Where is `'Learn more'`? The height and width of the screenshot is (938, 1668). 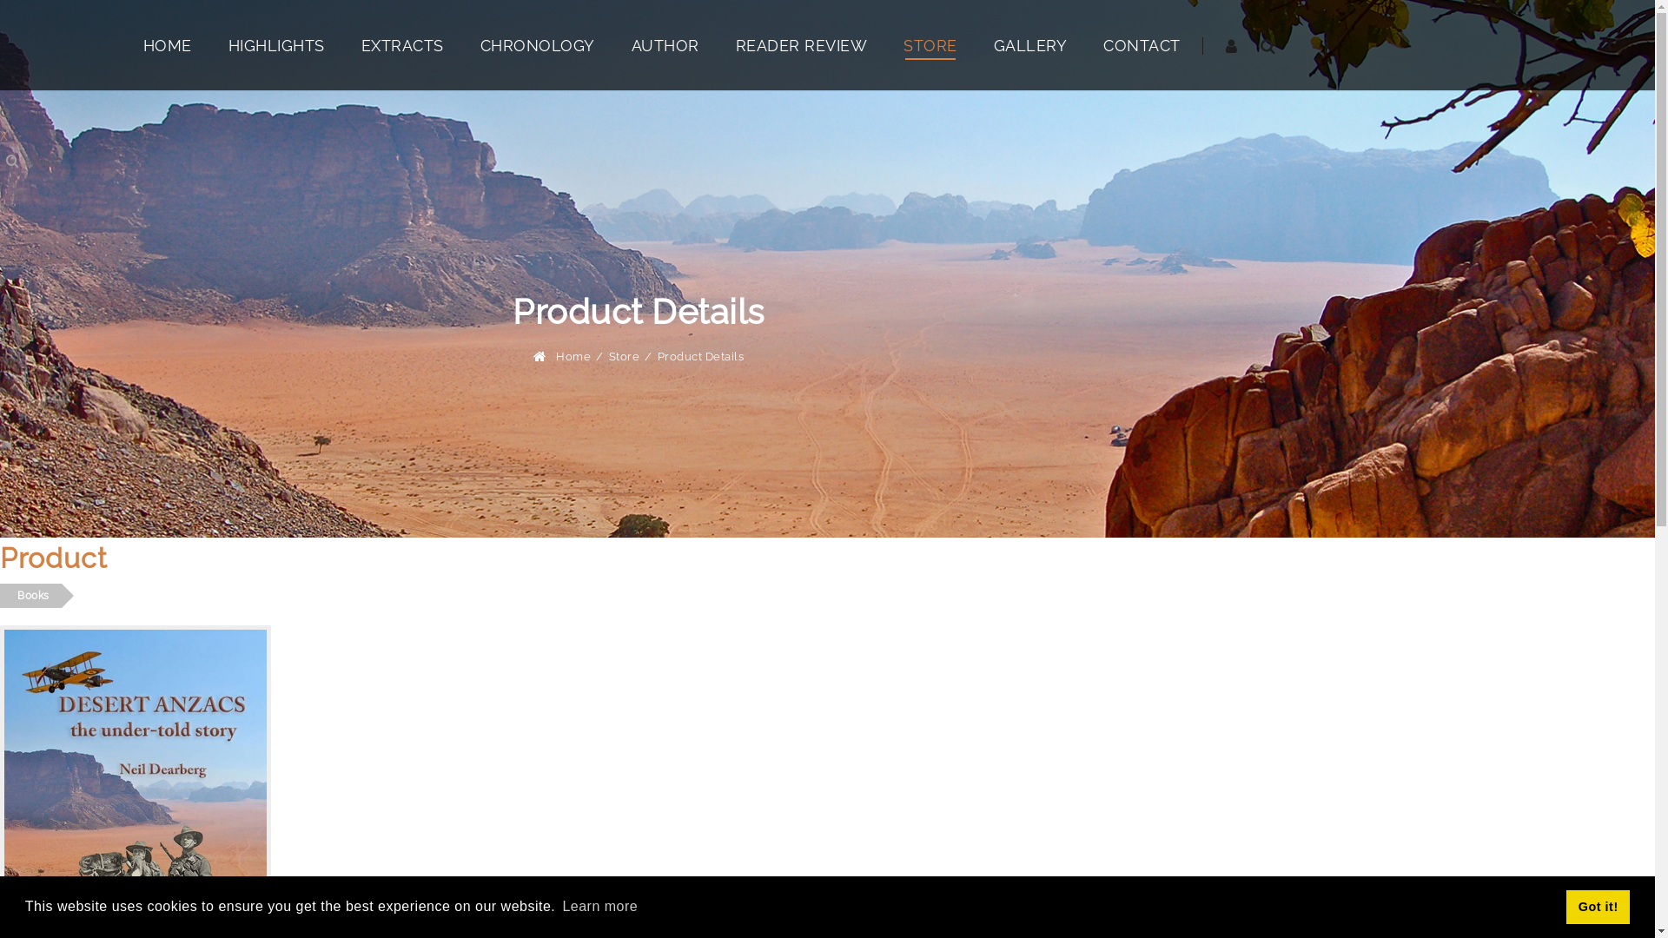
'Learn more' is located at coordinates (599, 906).